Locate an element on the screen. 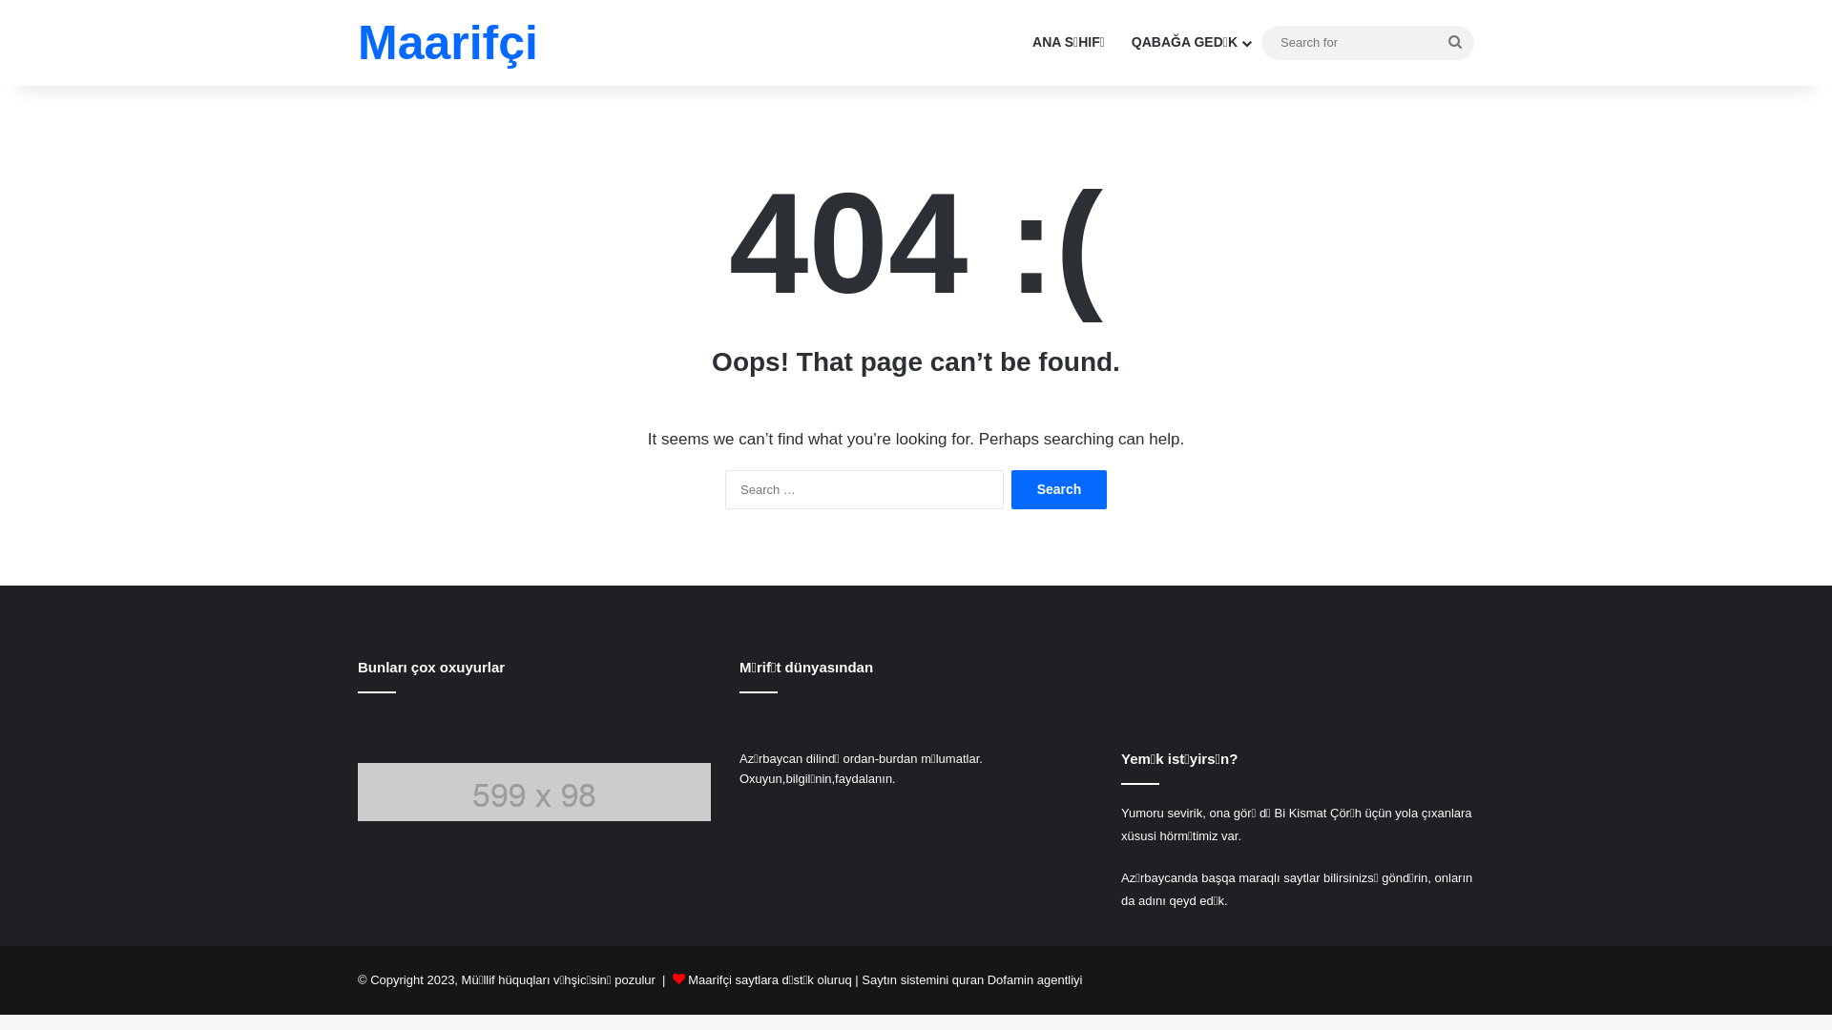 This screenshot has width=1832, height=1030. 'Search for' is located at coordinates (1436, 41).